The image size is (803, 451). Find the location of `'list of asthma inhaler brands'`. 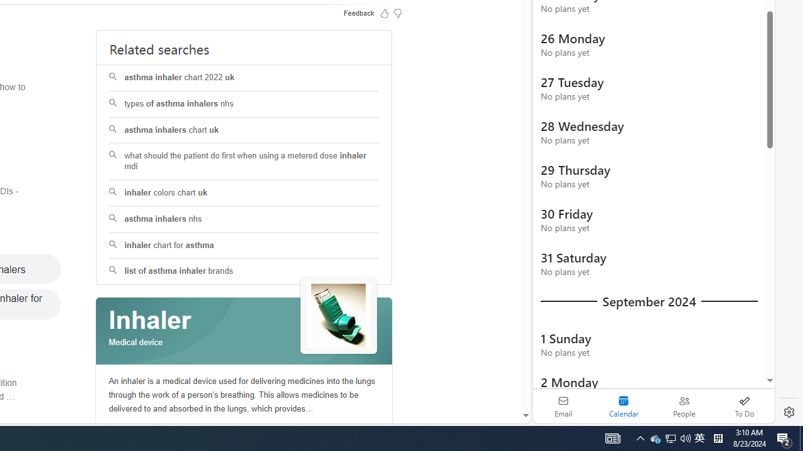

'list of asthma inhaler brands' is located at coordinates (244, 271).